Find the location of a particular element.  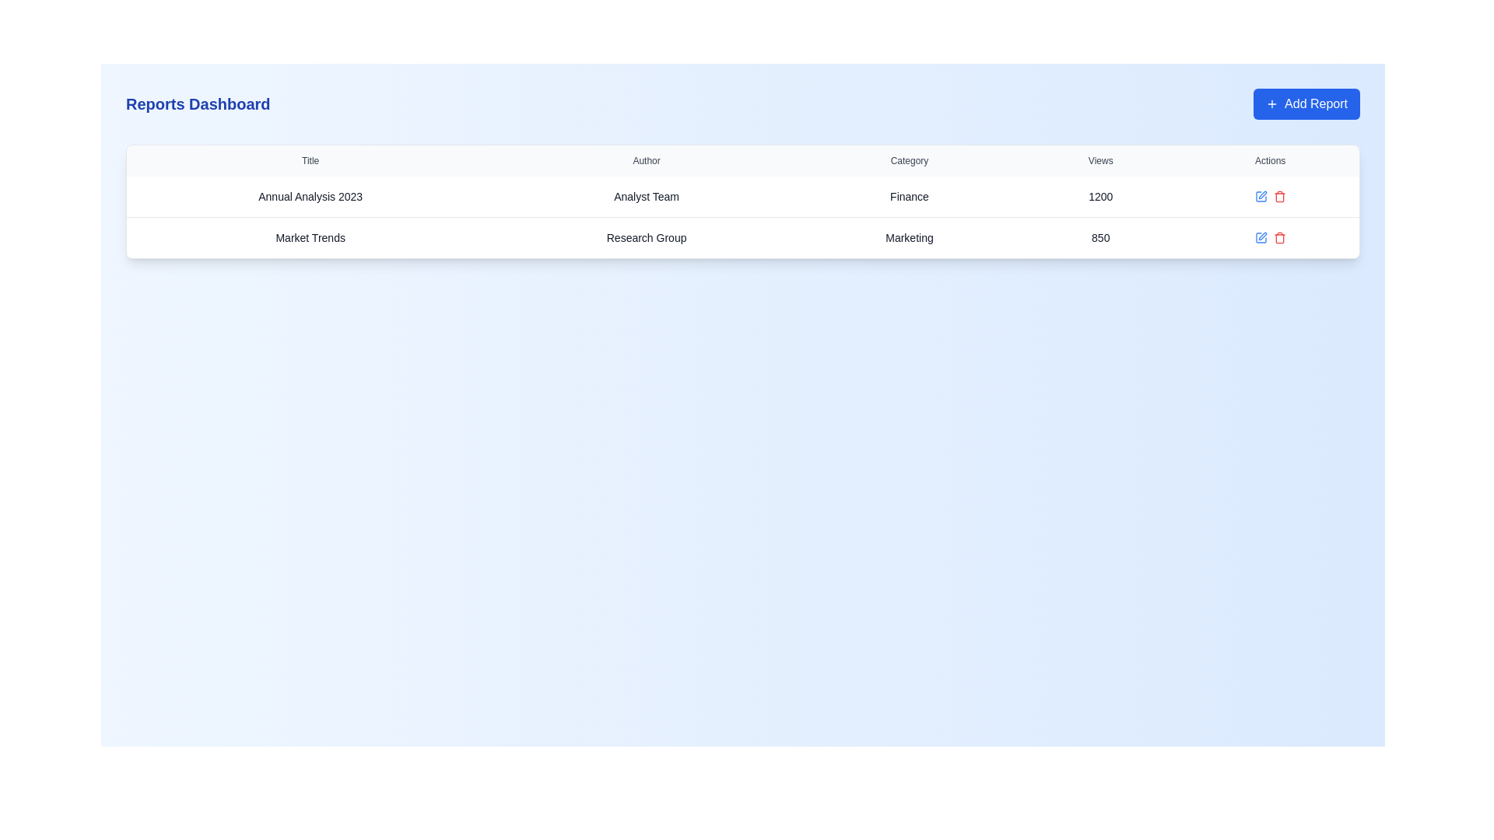

the 'Actions' text label, which is the rightmost header in a row of column headers at the top of a table is located at coordinates (1270, 161).